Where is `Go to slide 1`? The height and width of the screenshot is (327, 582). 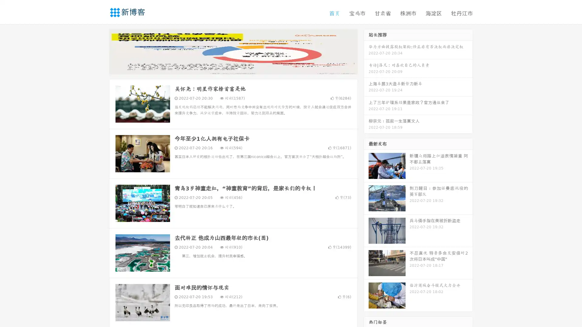
Go to slide 1 is located at coordinates (227, 68).